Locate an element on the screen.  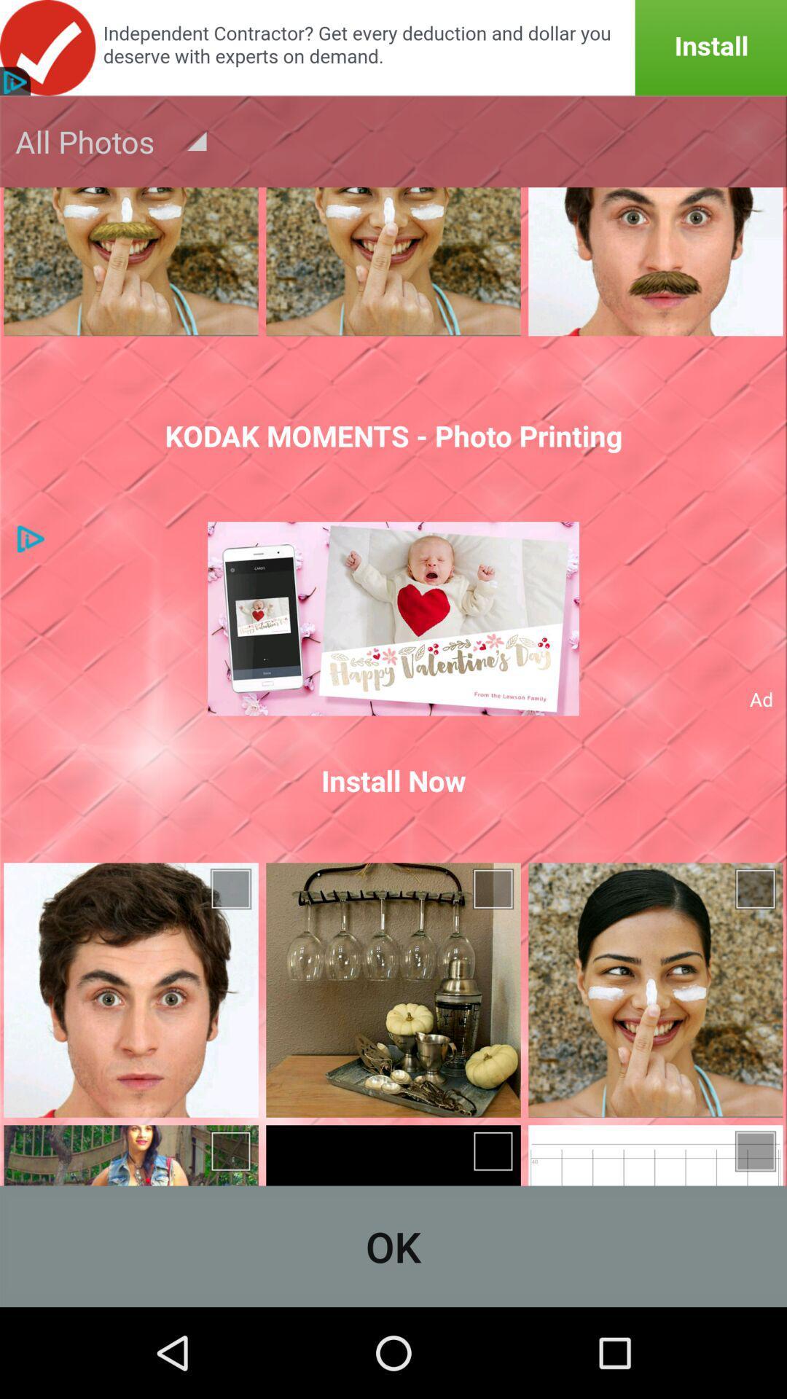
advertisement banner is located at coordinates (393, 47).